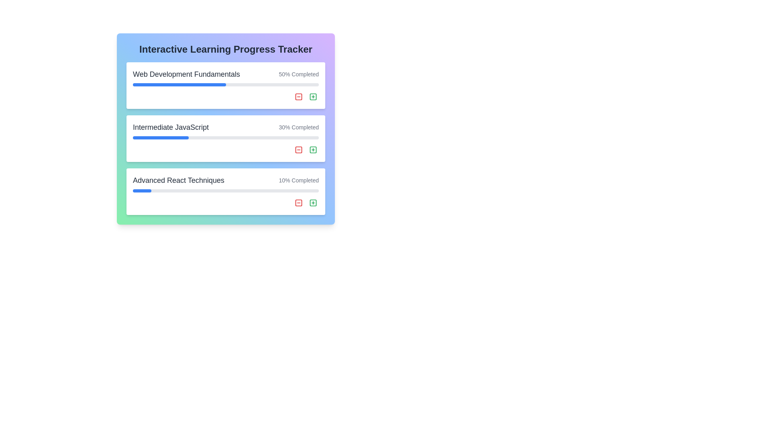 This screenshot has height=434, width=771. I want to click on the text label that displays '30% Completed', styled in small gray font, located to the right of 'Intermediate JavaScript' within a list of progress items, so click(298, 127).